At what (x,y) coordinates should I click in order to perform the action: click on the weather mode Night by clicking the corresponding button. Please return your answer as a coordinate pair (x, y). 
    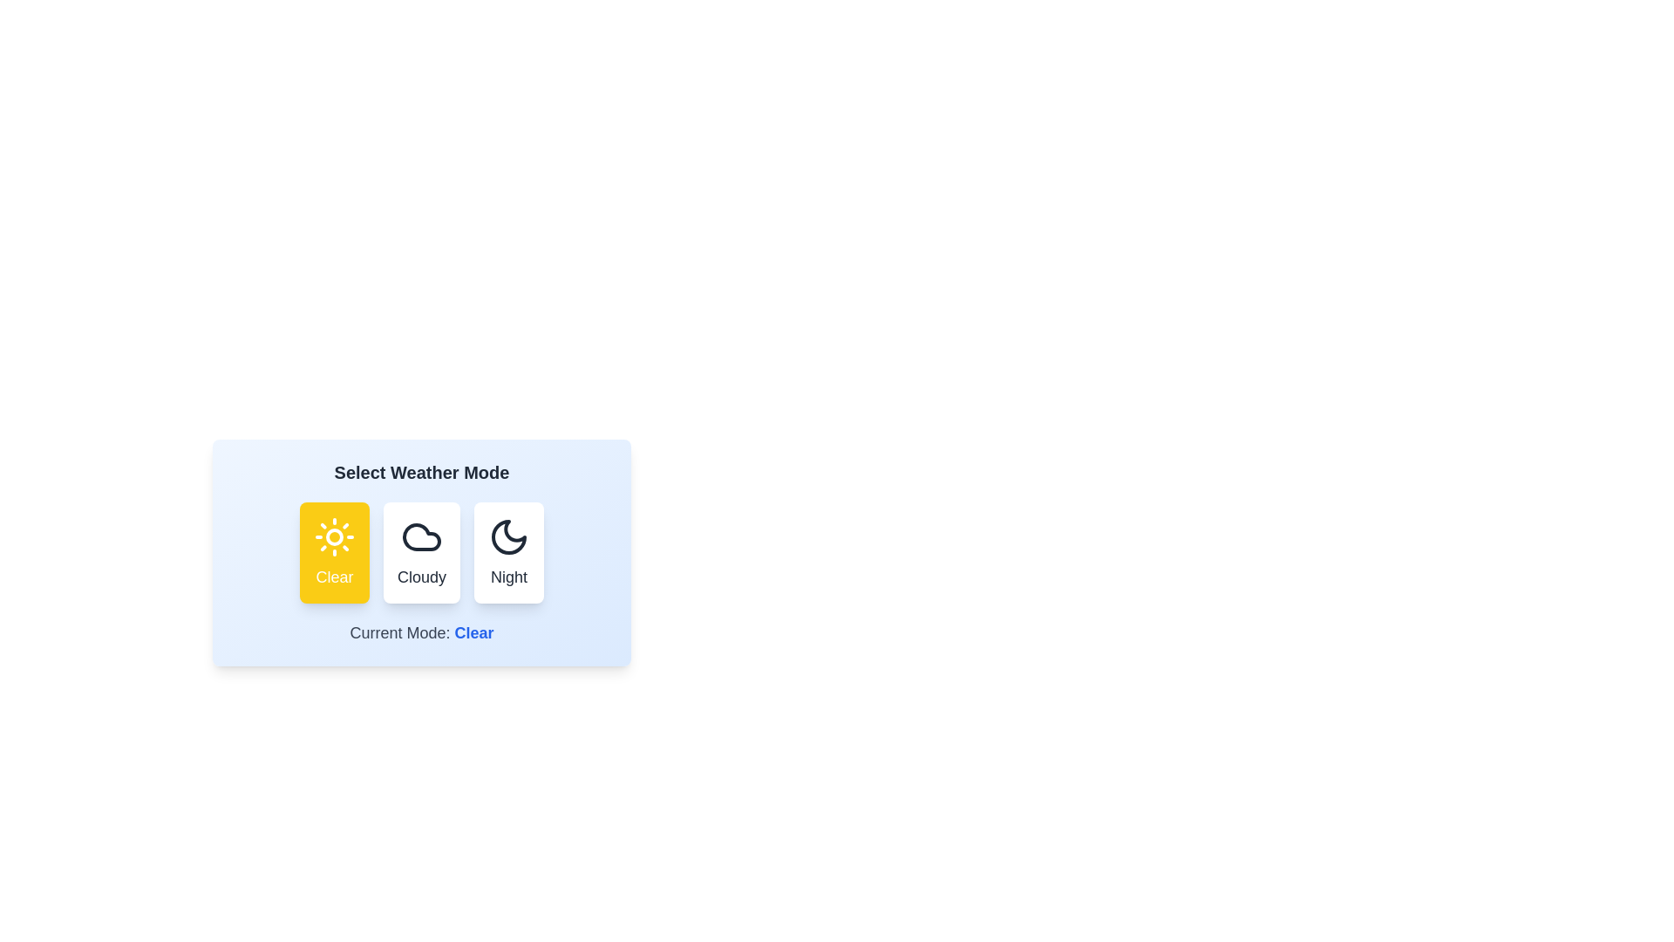
    Looking at the image, I should click on (508, 552).